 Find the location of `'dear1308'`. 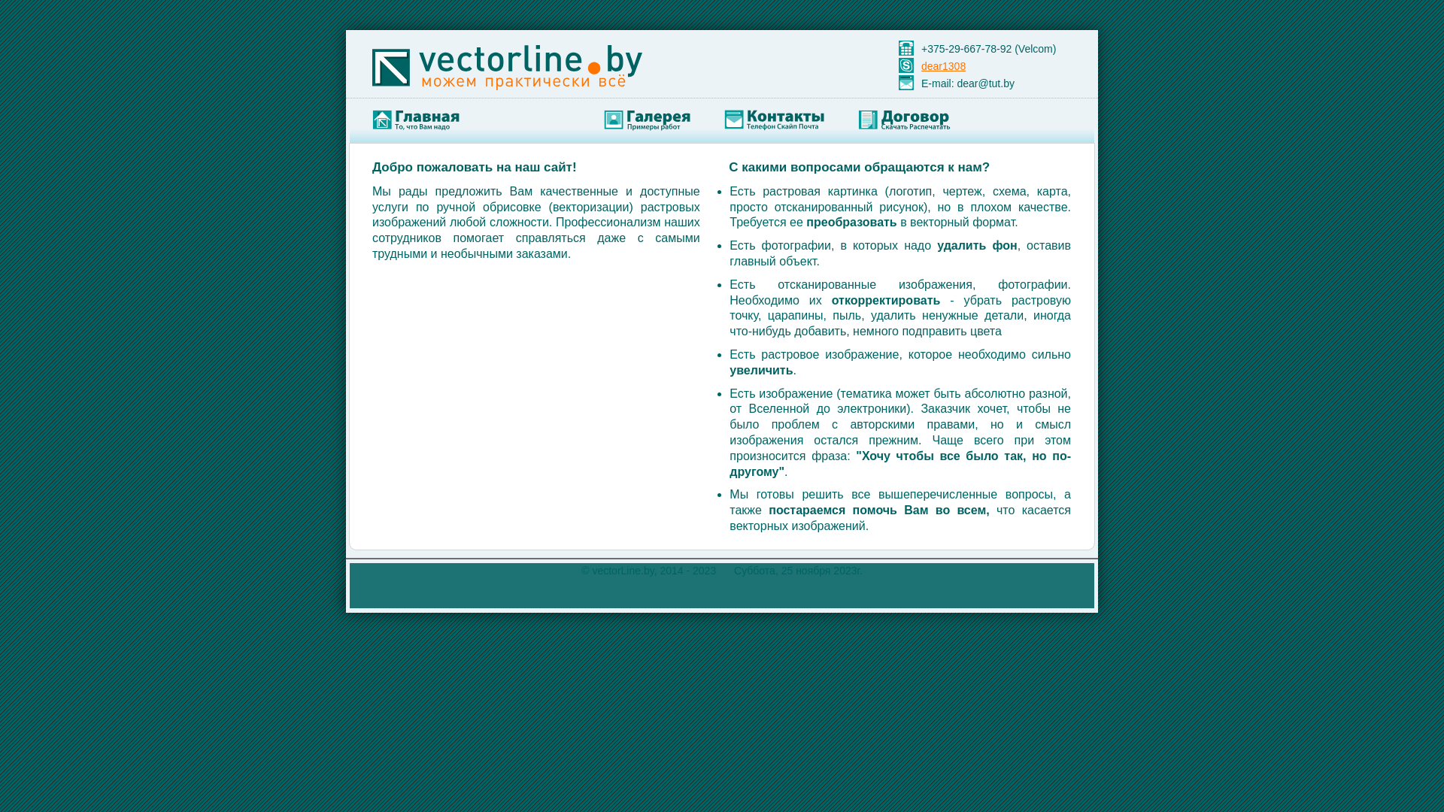

'dear1308' is located at coordinates (942, 65).